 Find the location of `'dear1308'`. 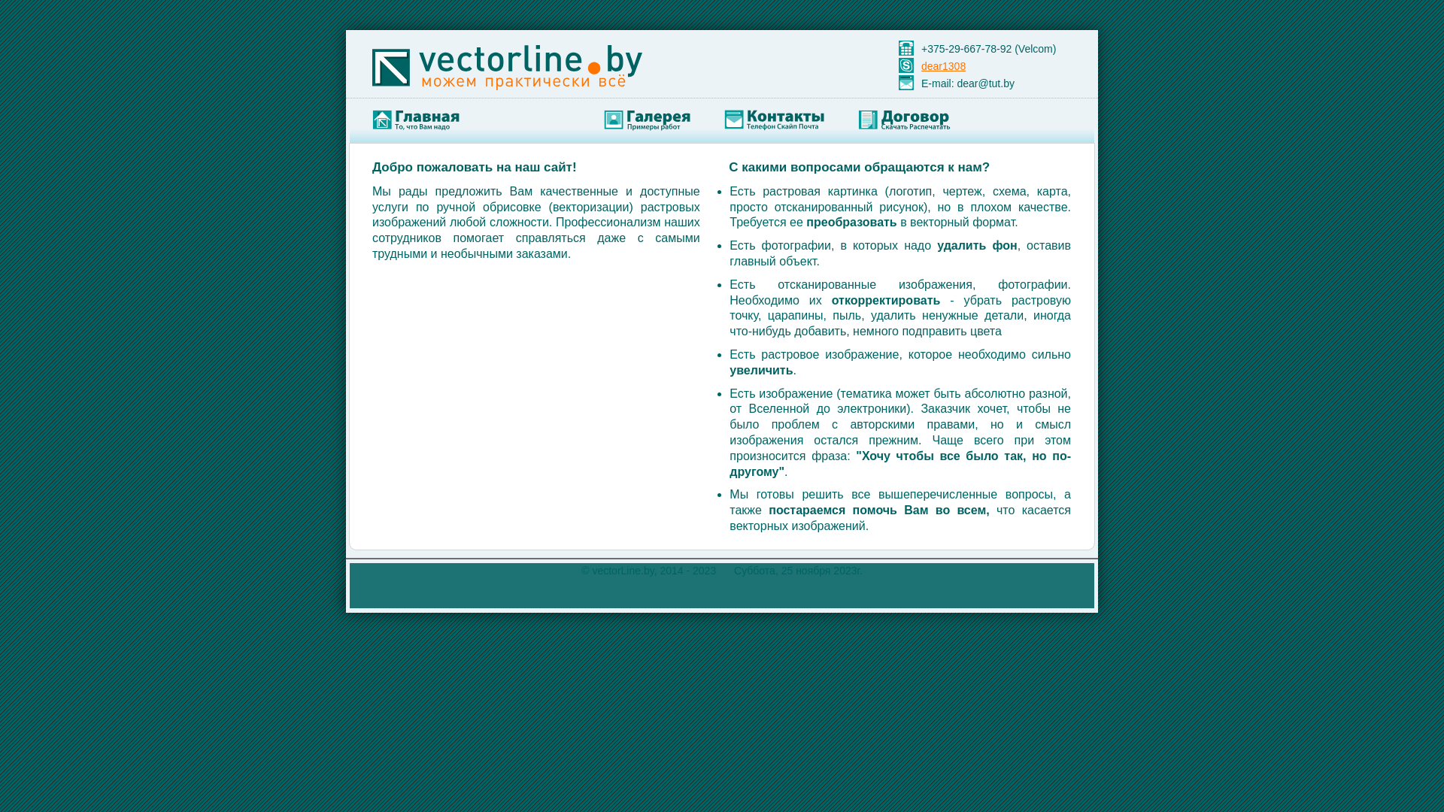

'dear1308' is located at coordinates (942, 65).